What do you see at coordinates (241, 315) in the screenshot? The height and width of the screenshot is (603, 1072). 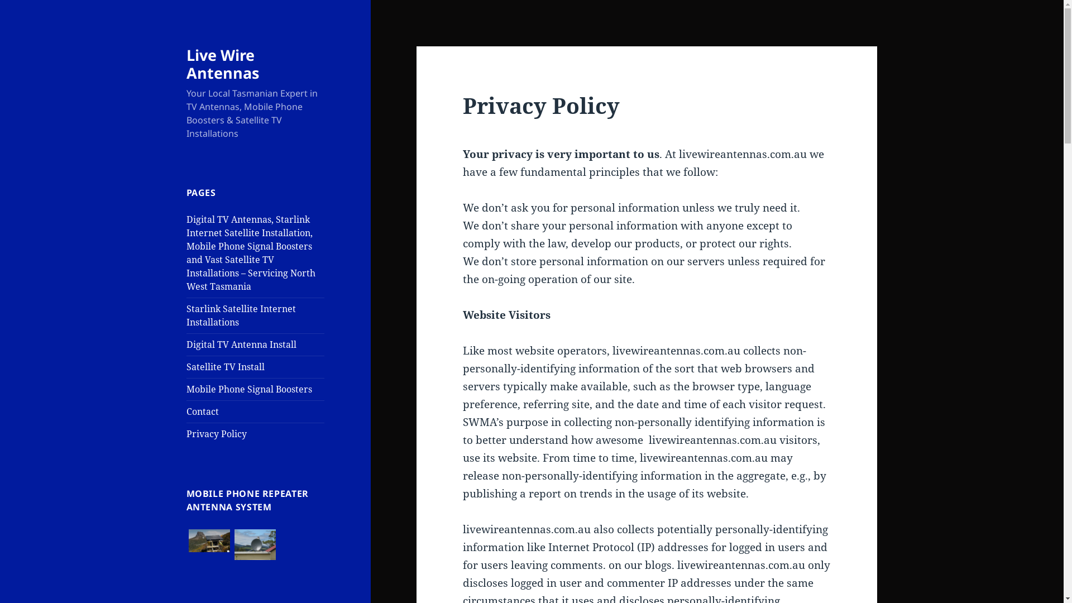 I see `'Starlink Satellite Internet Installations'` at bounding box center [241, 315].